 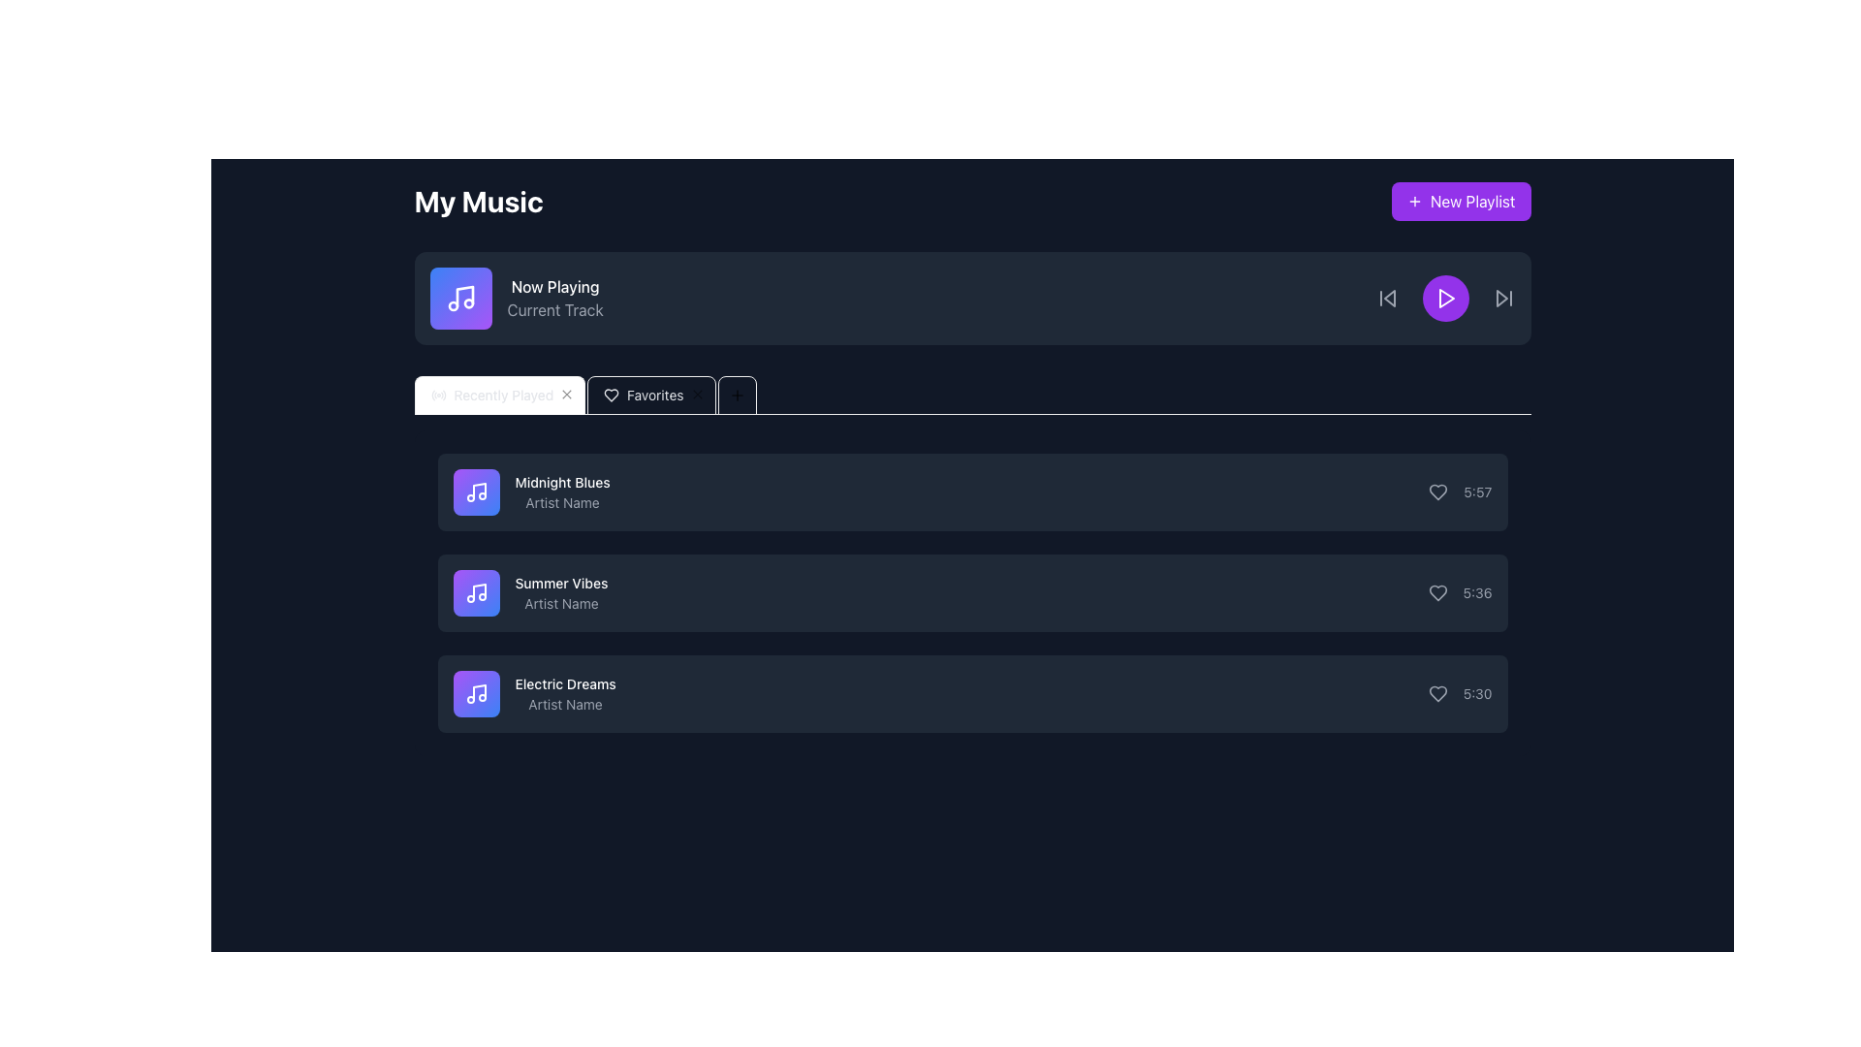 I want to click on the button to skip to the previous track, located immediately to the left of the circular purple play button in the media control section, so click(x=1386, y=299).